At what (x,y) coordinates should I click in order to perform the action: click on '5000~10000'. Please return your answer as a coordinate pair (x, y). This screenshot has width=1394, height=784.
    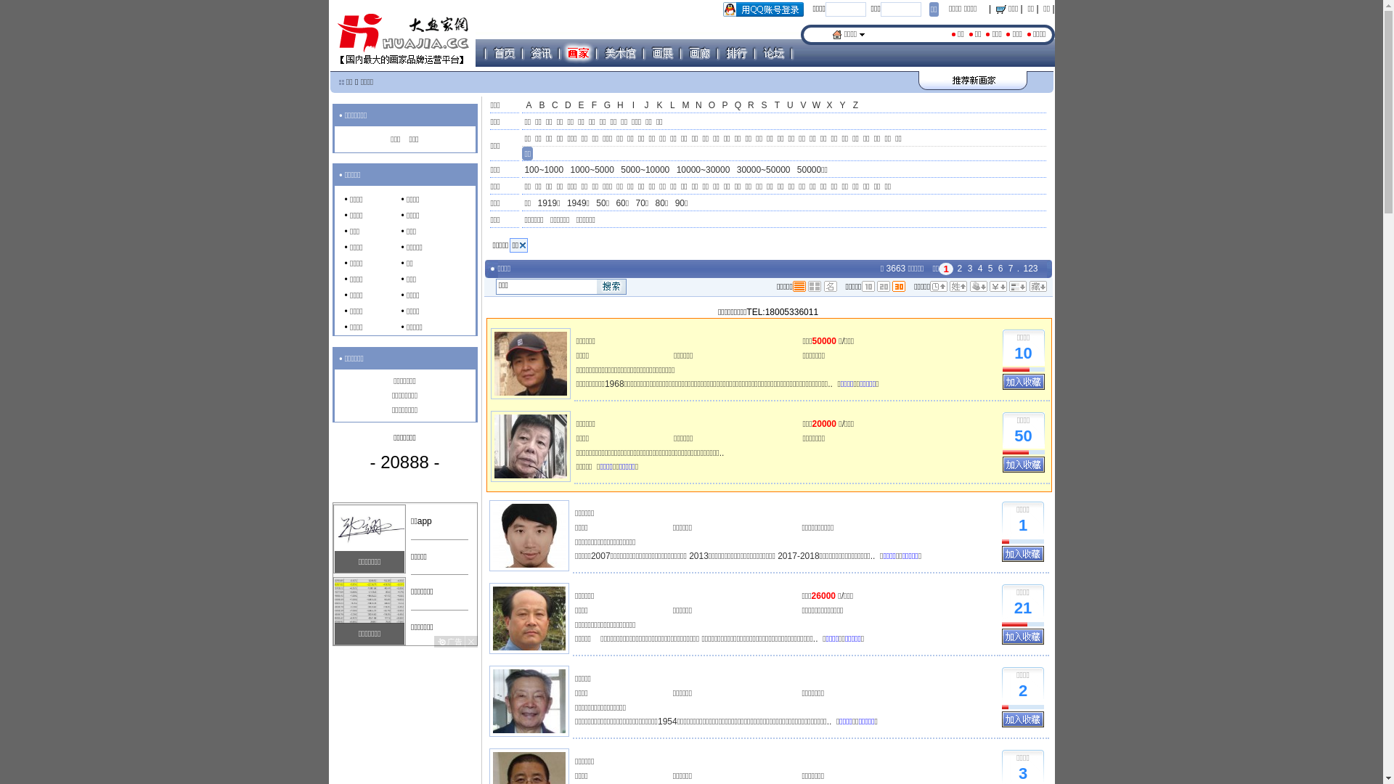
    Looking at the image, I should click on (644, 170).